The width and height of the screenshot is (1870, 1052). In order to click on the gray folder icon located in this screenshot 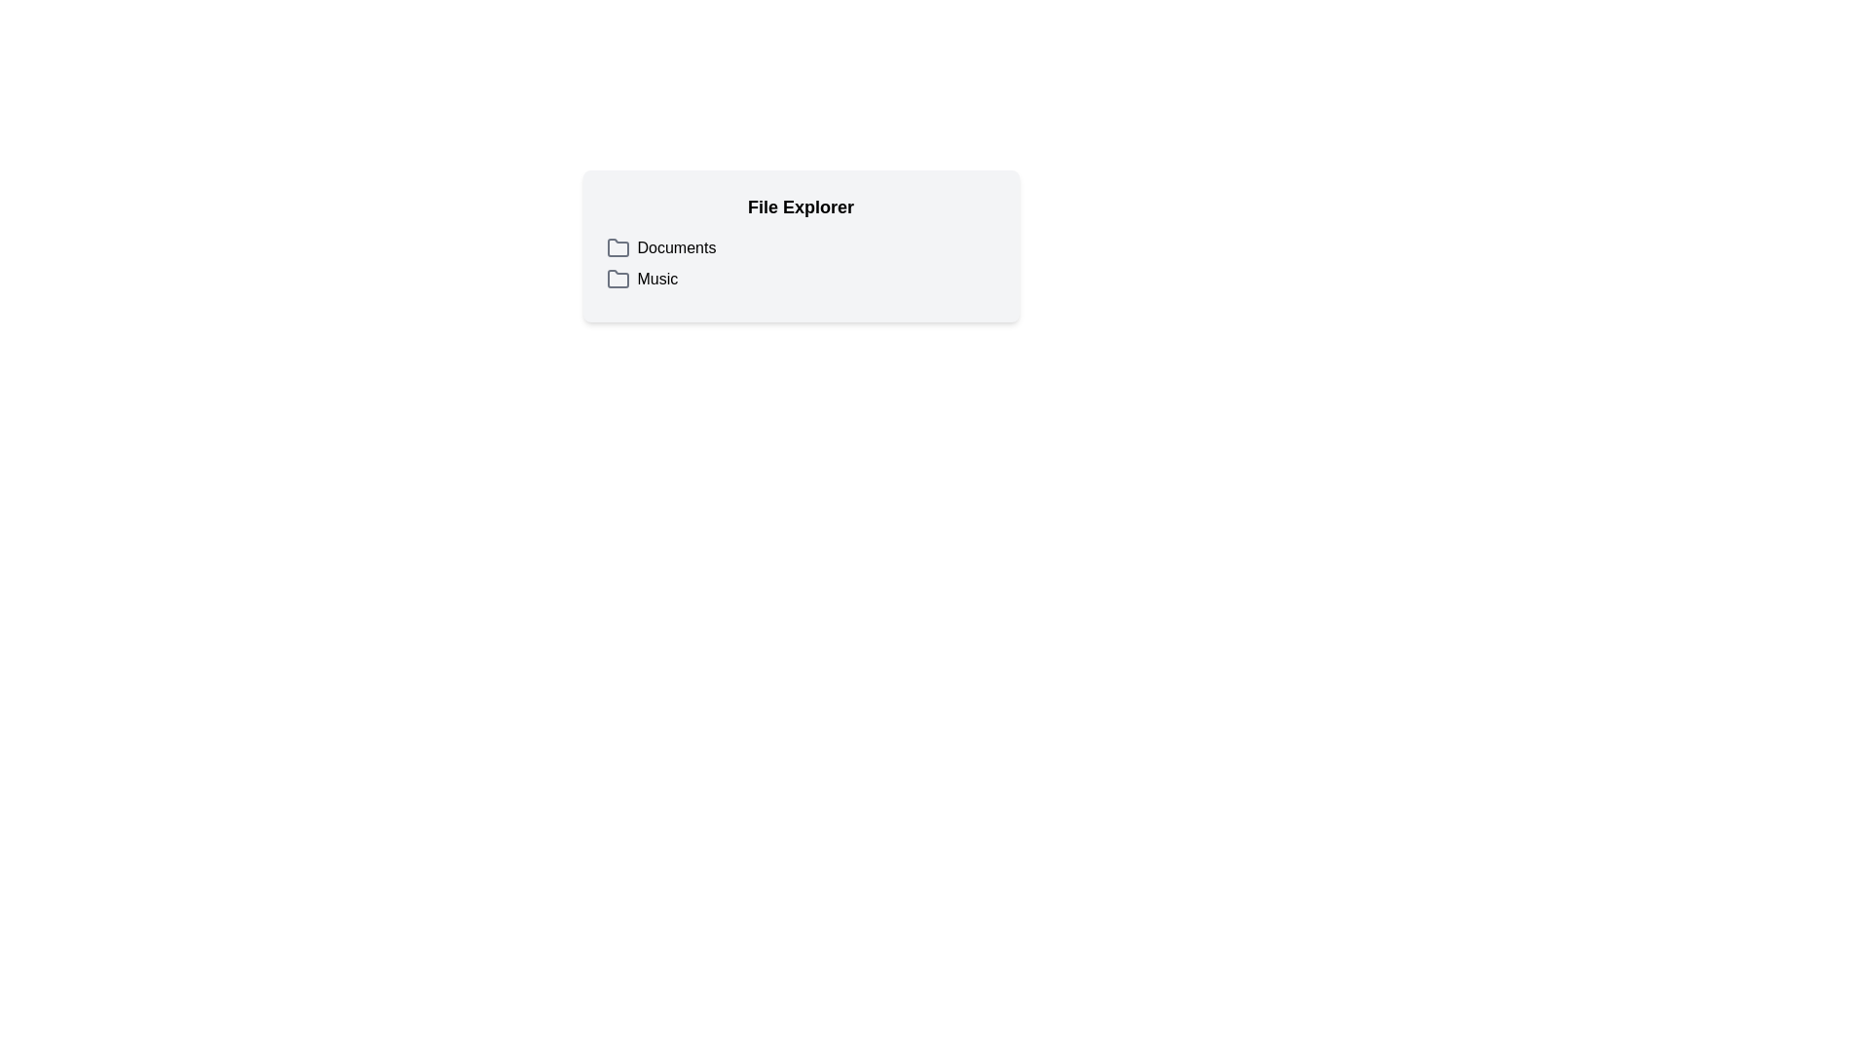, I will do `click(617, 279)`.